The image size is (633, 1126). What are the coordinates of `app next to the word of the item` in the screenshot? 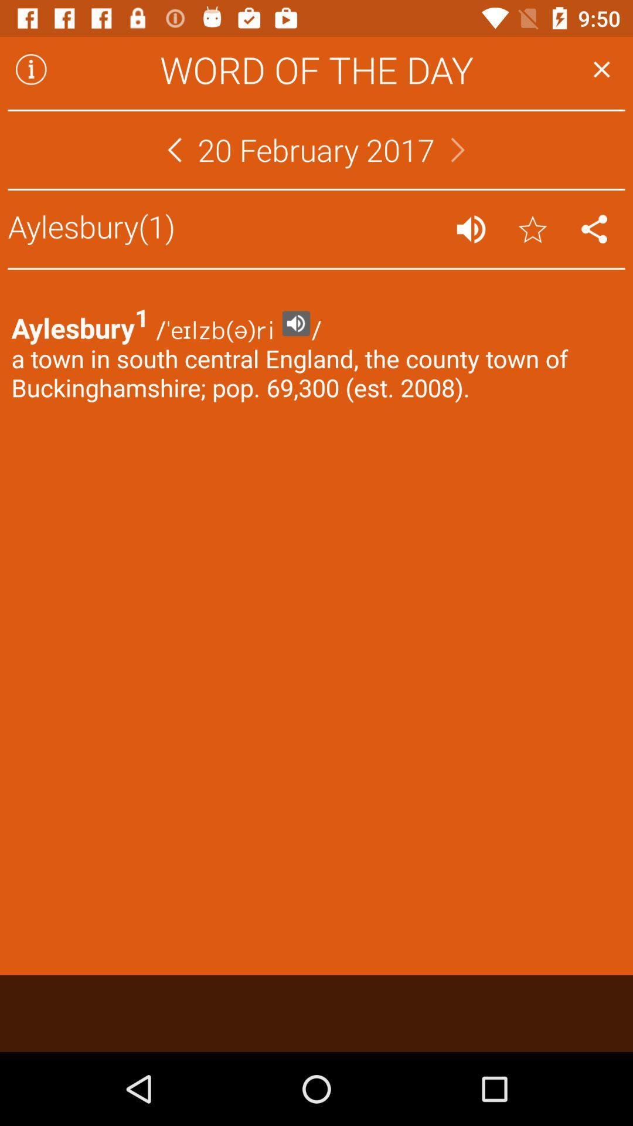 It's located at (601, 69).